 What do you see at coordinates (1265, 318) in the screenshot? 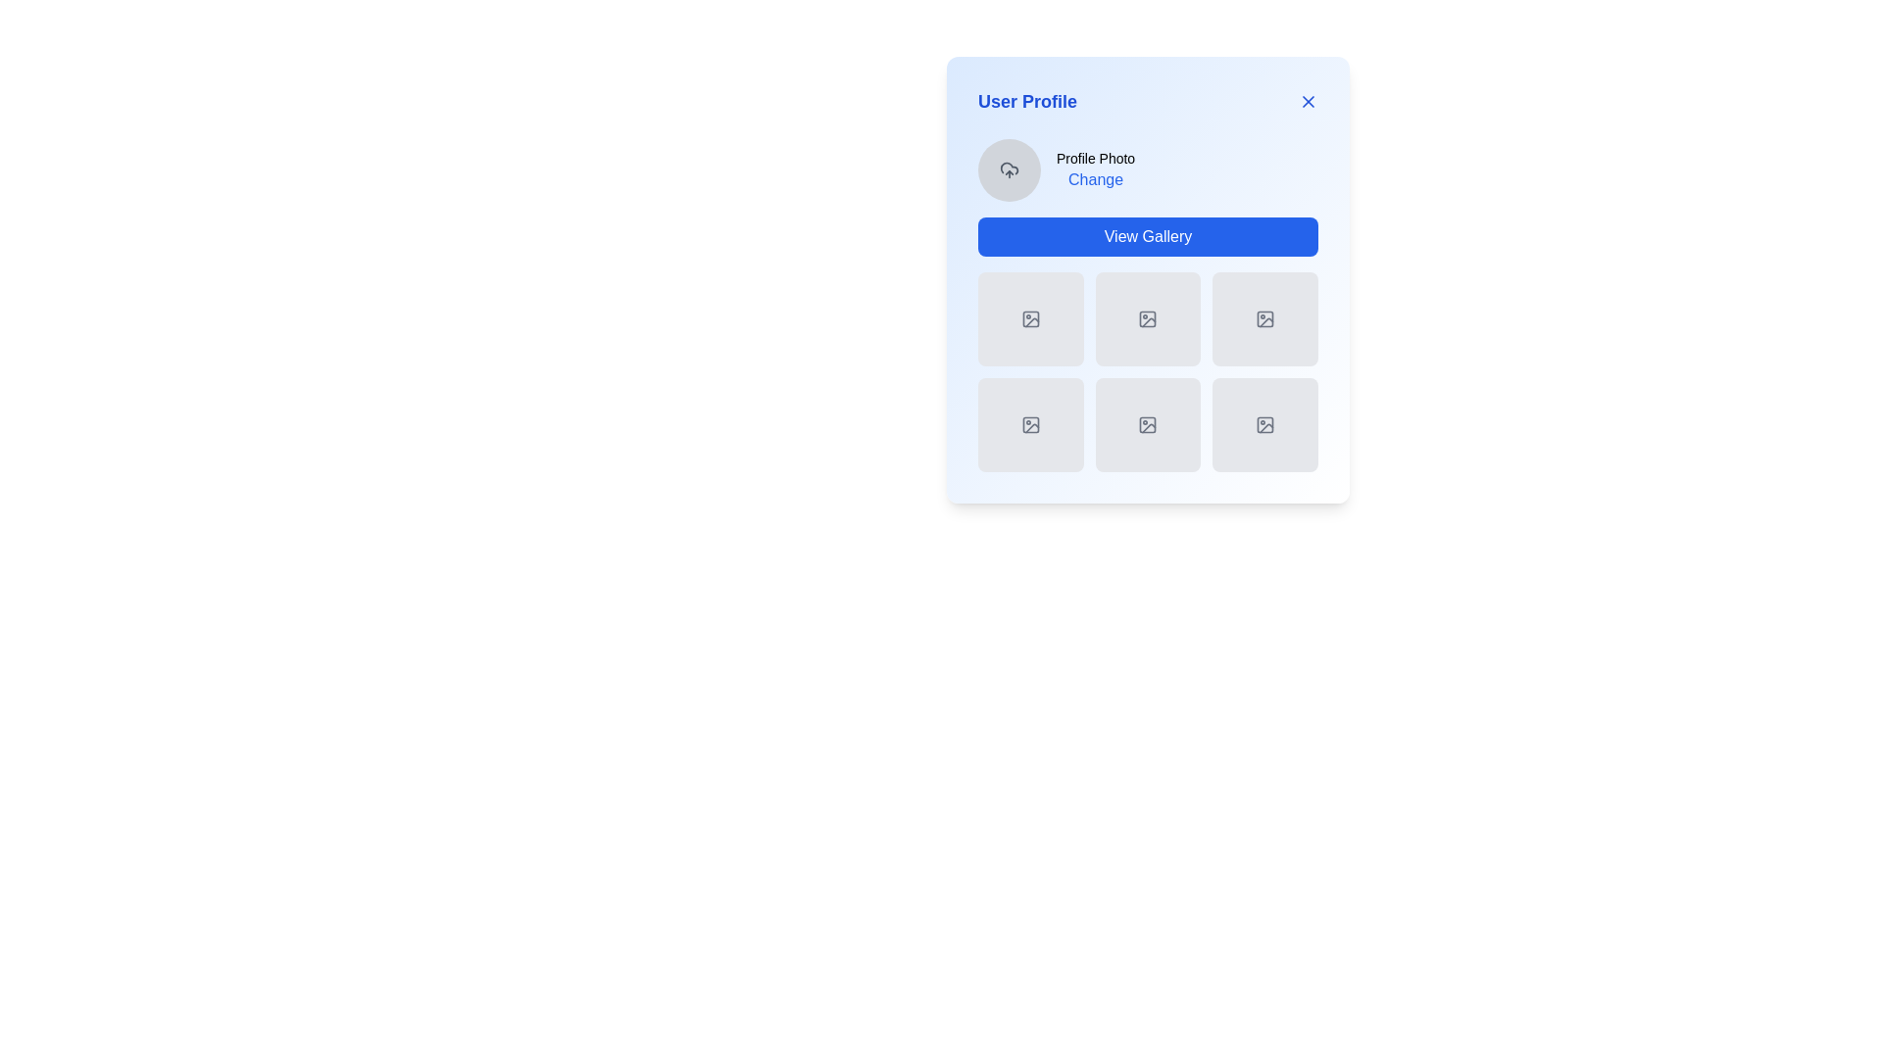
I see `the Image Placeholder, which is a rectangular element with rounded corners, light gray background, and an icon resembling a placeholder image symbol, located in the third column of the first row in a 3x3 grid layout` at bounding box center [1265, 318].